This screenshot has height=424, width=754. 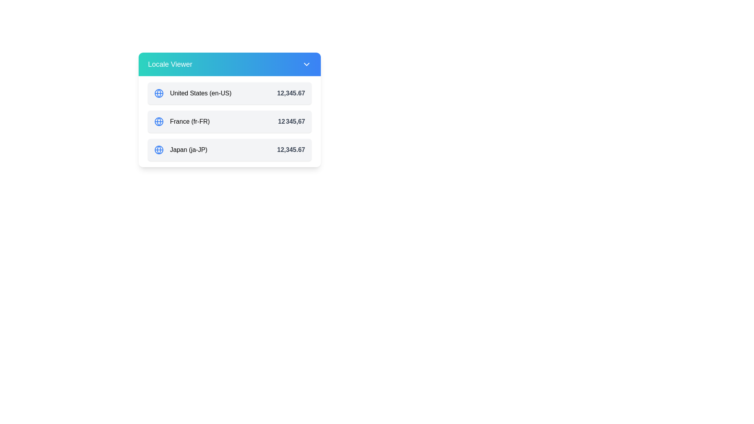 I want to click on the displayed localized numeric value in the Text Label aligned to the right of 'France (fr-FR)' within the list group, positioned below 'United States (en-US)' and above 'Japan (ja-JP), so click(x=291, y=121).